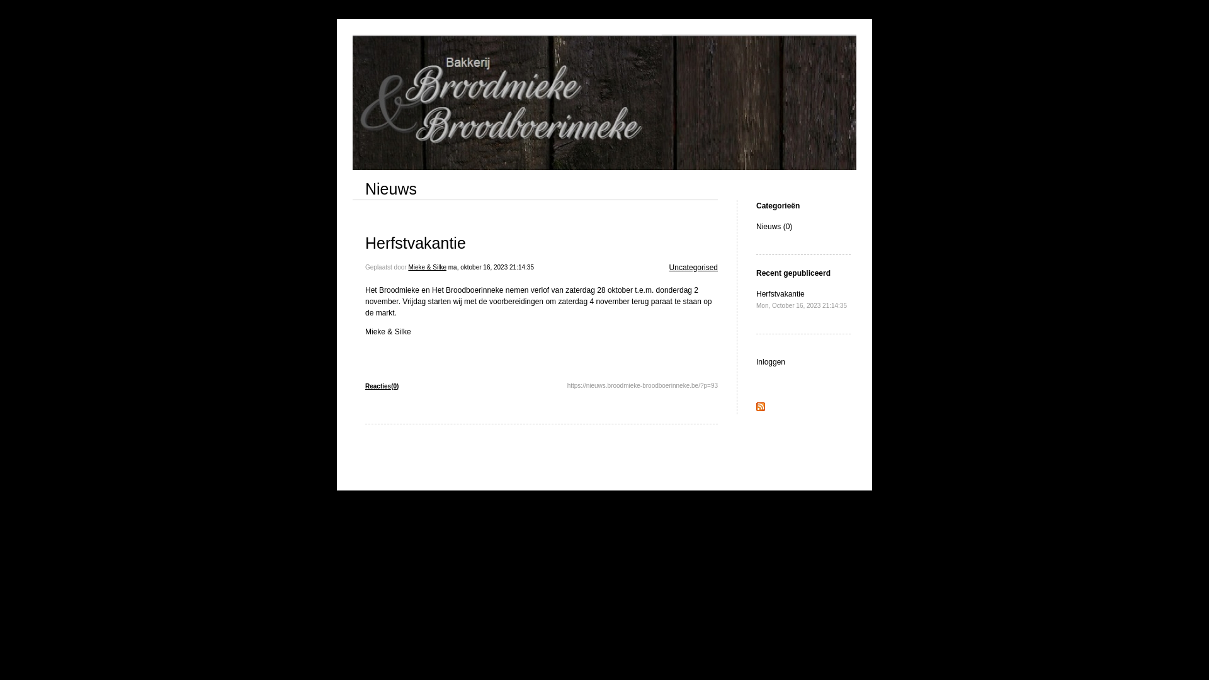  Describe the element at coordinates (490, 266) in the screenshot. I see `'ma, oktober 16, 2023 21:14:35'` at that location.